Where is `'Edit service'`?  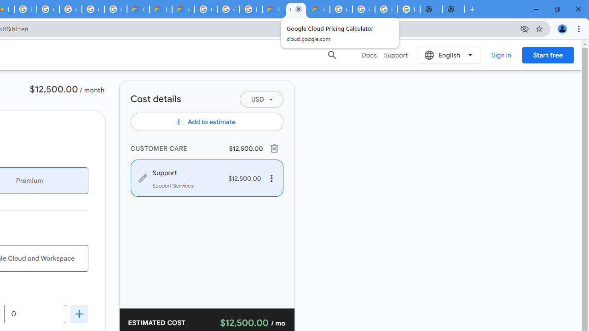
'Edit service' is located at coordinates (142, 178).